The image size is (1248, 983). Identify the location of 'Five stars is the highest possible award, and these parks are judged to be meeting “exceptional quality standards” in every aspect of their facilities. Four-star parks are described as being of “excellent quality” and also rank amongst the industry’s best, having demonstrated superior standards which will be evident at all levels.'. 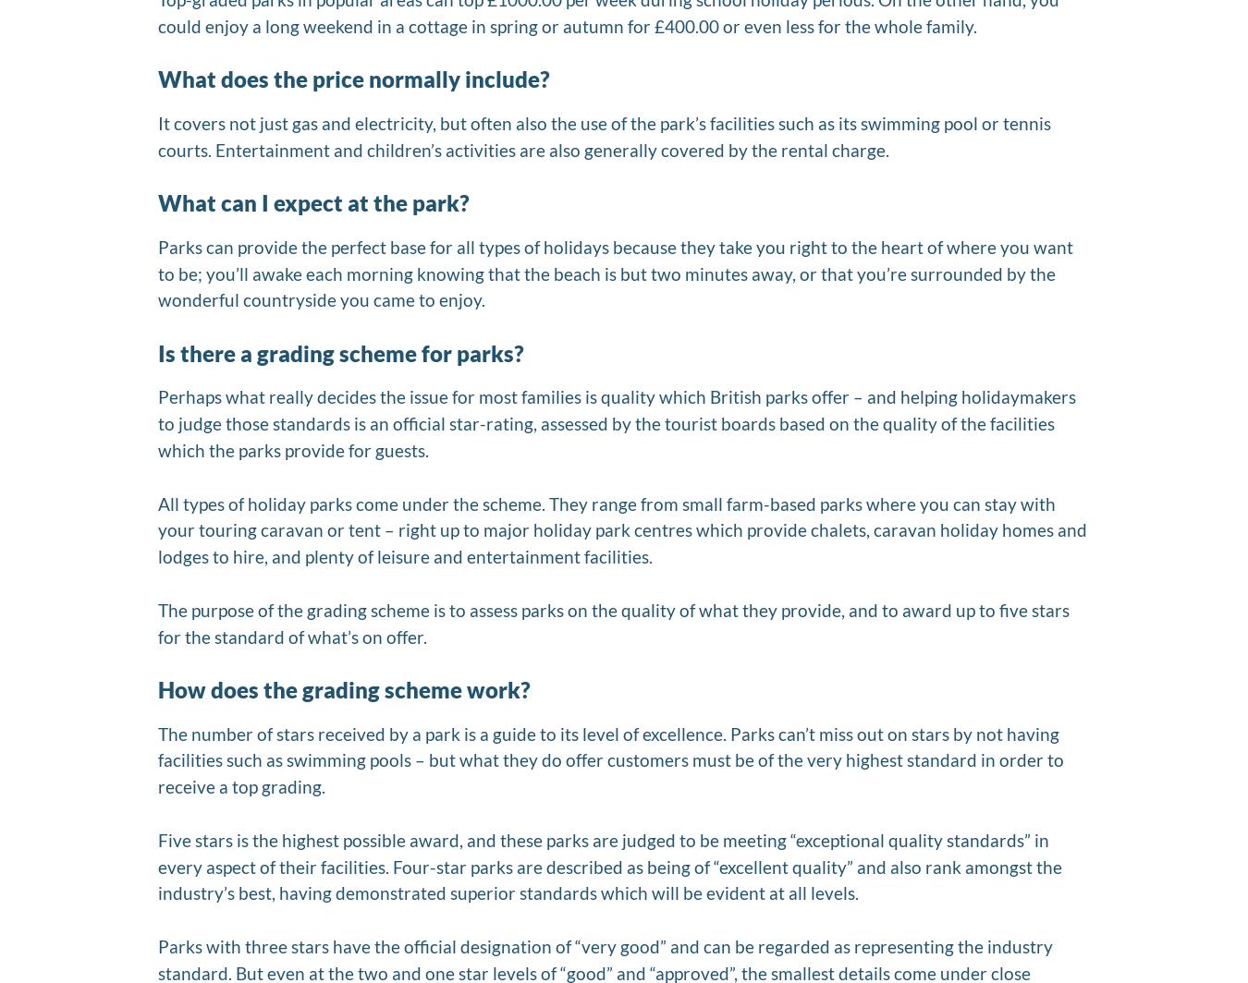
(610, 866).